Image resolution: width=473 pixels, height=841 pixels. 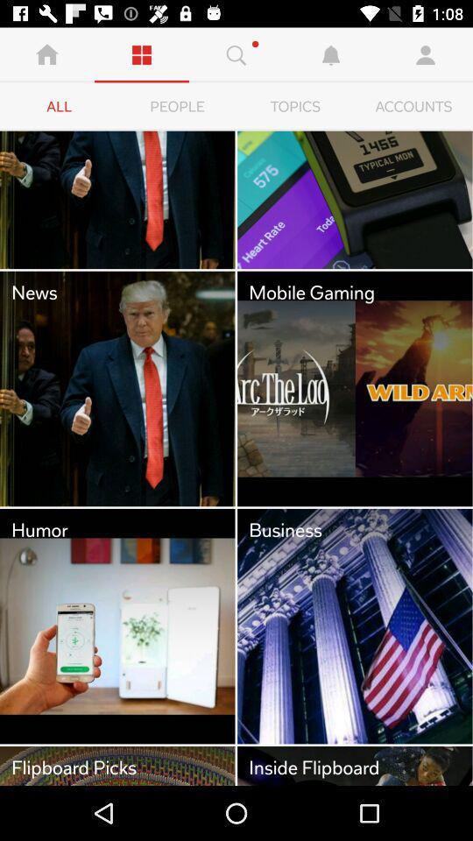 What do you see at coordinates (295, 106) in the screenshot?
I see `the item to the left of the accounts icon` at bounding box center [295, 106].